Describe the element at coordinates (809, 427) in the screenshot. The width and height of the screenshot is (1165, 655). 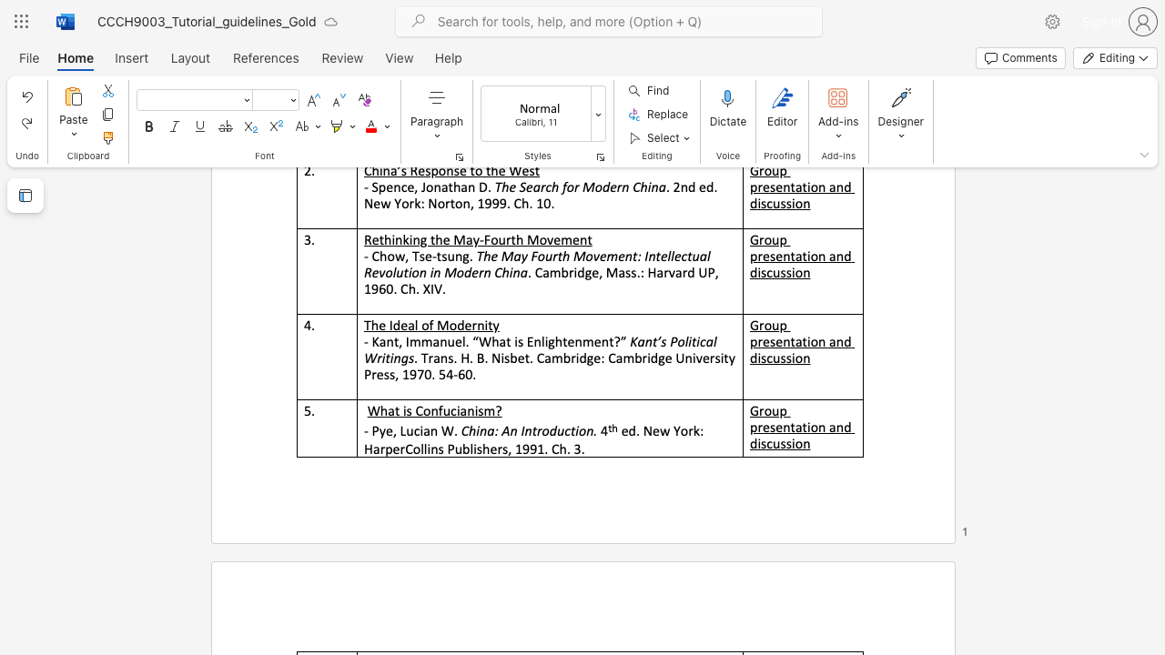
I see `the subset text "on and discu" within the text "Group presentation and discussion"` at that location.